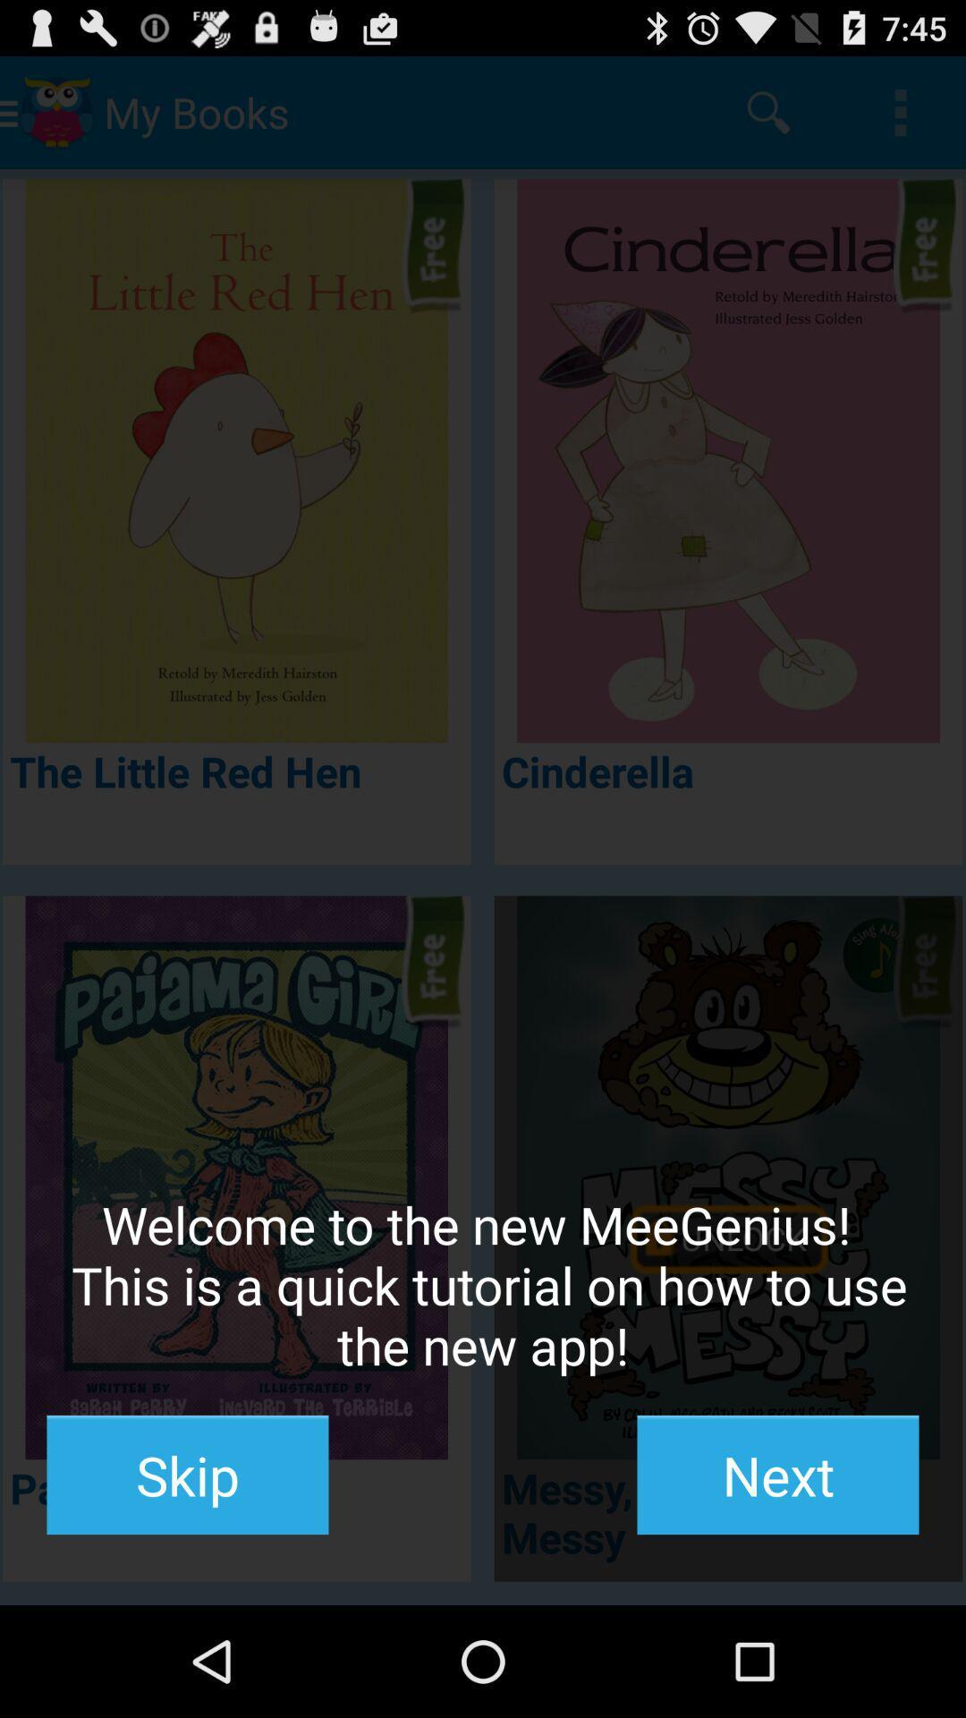  What do you see at coordinates (777, 1475) in the screenshot?
I see `icon at the bottom right corner` at bounding box center [777, 1475].